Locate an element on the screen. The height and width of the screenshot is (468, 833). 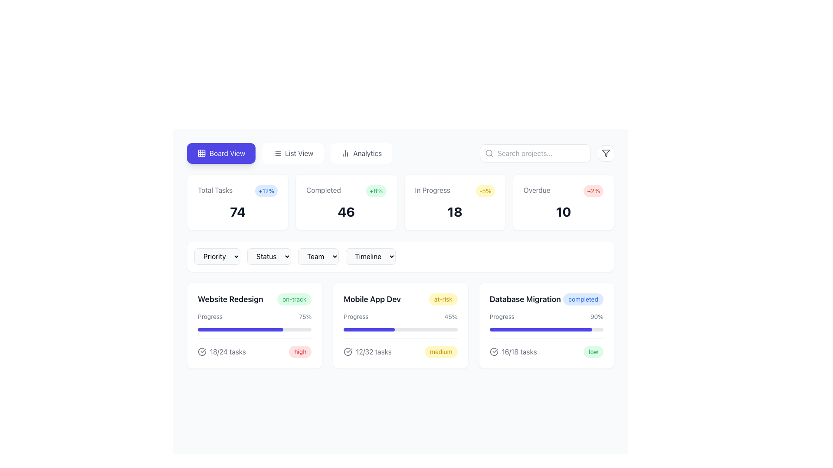
the 'Progress' text label, which is a standard sans-serif font in gray, located in the bottom-right area of the 'Database Migration' card, above the blue progress bar and preceding the '90%' label is located at coordinates (502, 317).